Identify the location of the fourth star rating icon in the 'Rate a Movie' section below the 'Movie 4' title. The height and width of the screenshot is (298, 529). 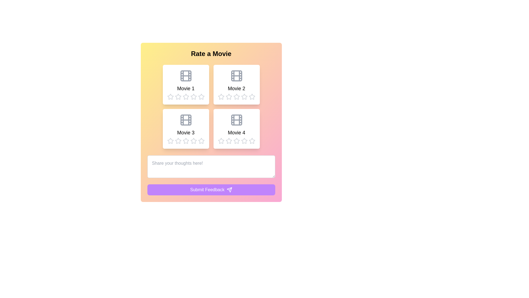
(236, 140).